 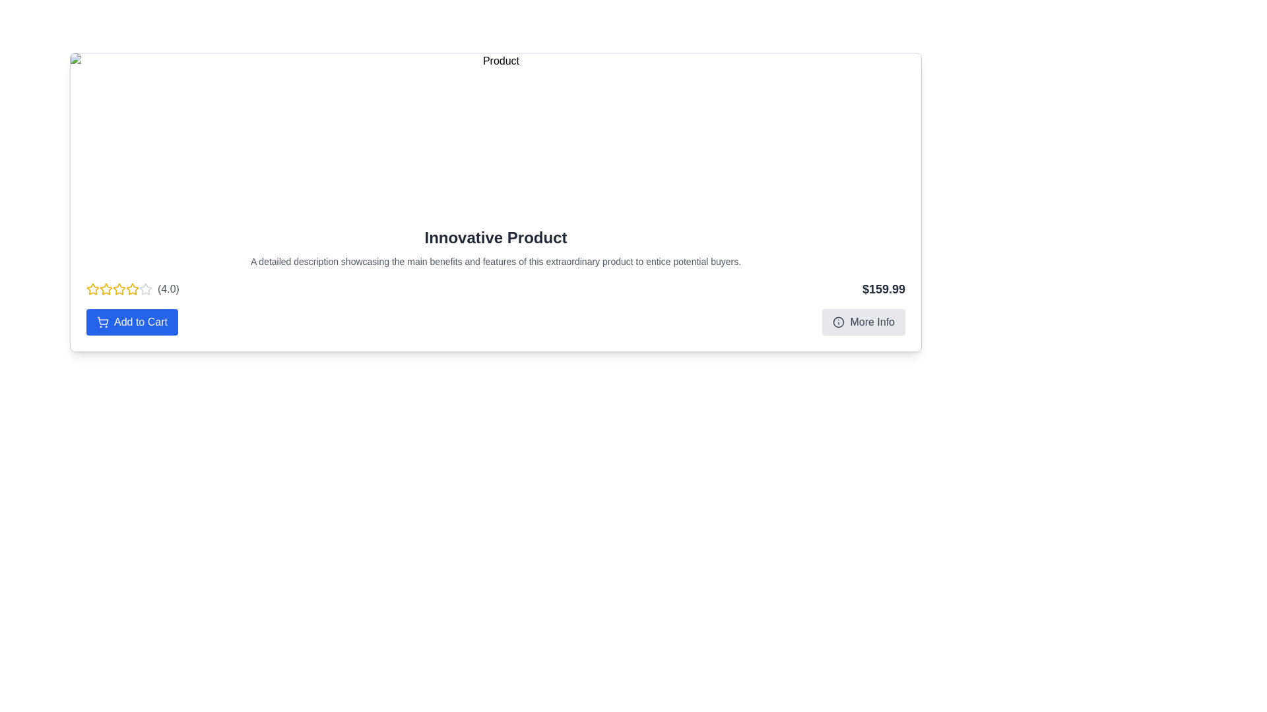 I want to click on the 'More Info' button located at the bottom-right corner of the card layout, so click(x=864, y=322).